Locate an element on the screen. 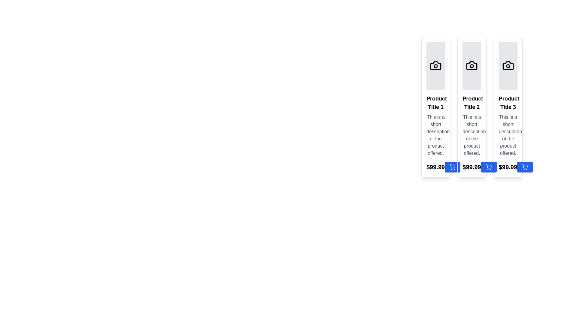 This screenshot has height=324, width=577. the text label displaying '$99.99' in bold, located in the second product card at the bottom left of the card is located at coordinates (471, 167).